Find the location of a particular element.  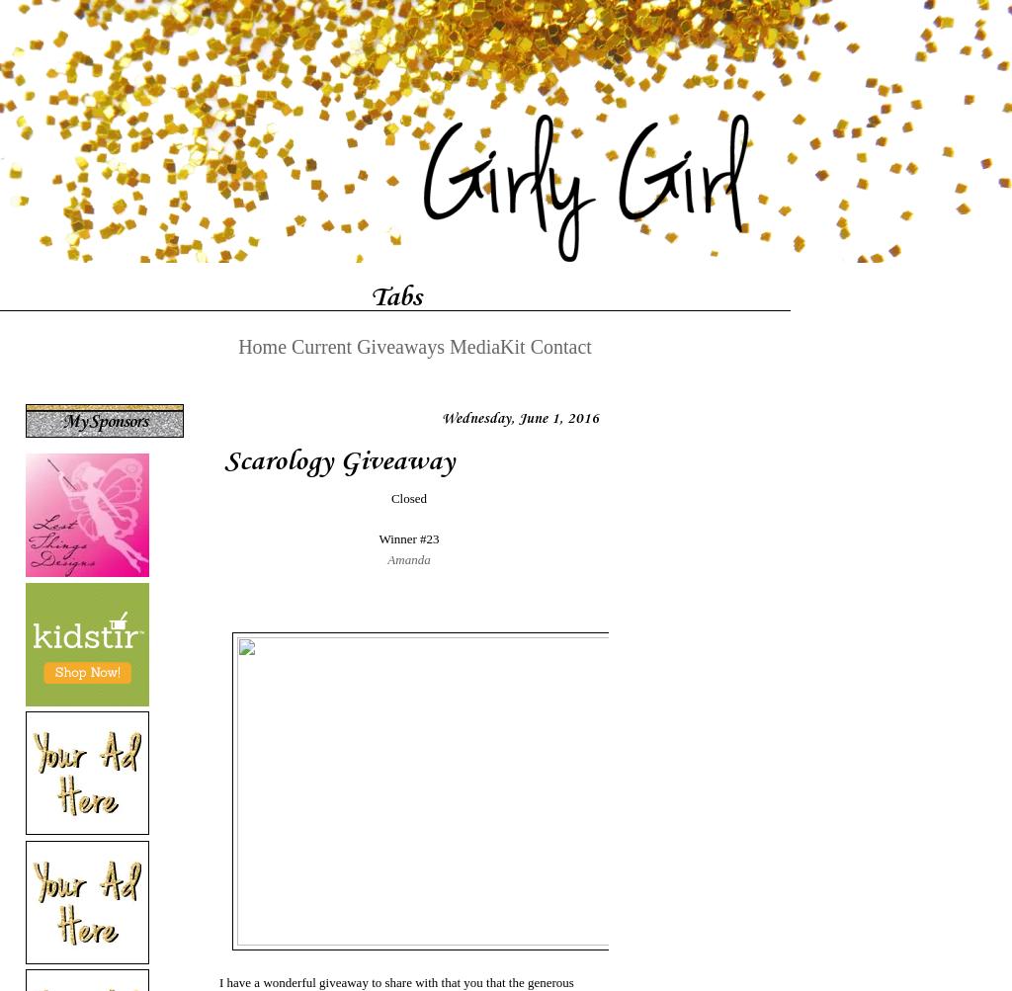

'Contact' is located at coordinates (558, 345).